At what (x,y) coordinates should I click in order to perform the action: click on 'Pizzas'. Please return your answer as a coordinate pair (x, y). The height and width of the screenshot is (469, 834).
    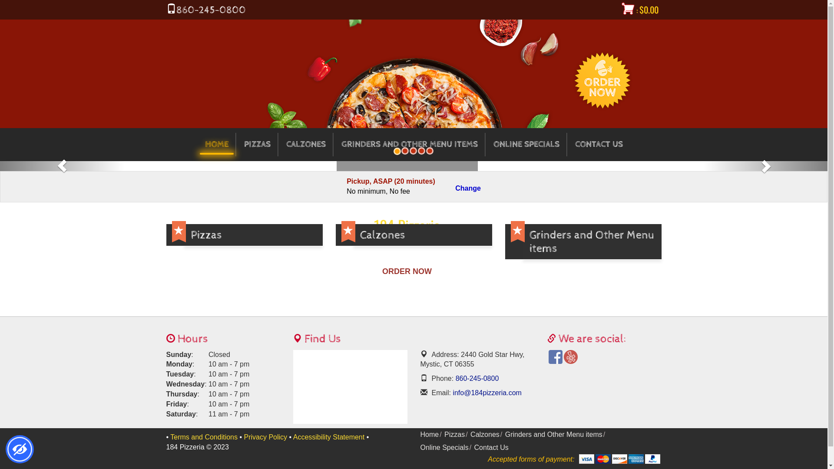
    Looking at the image, I should click on (454, 434).